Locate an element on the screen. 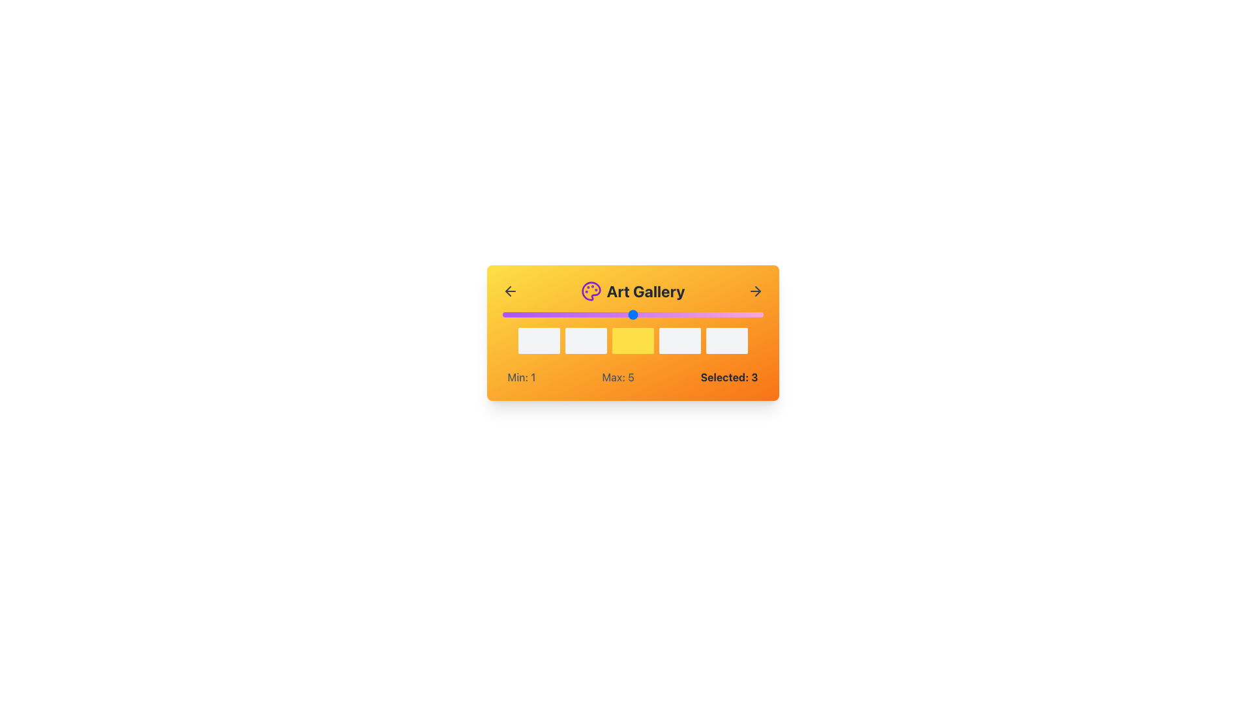 The image size is (1252, 704). the first static visual block or placeholder in the horizontal arrangement below the 'Art Gallery' section is located at coordinates (539, 340).